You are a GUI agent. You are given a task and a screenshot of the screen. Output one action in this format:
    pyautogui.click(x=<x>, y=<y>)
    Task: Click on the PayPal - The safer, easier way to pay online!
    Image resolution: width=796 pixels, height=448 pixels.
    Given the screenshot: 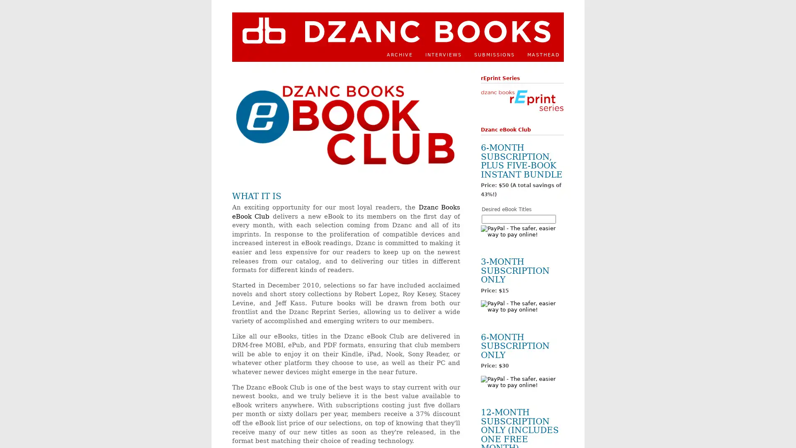 What is the action you would take?
    pyautogui.click(x=522, y=231)
    